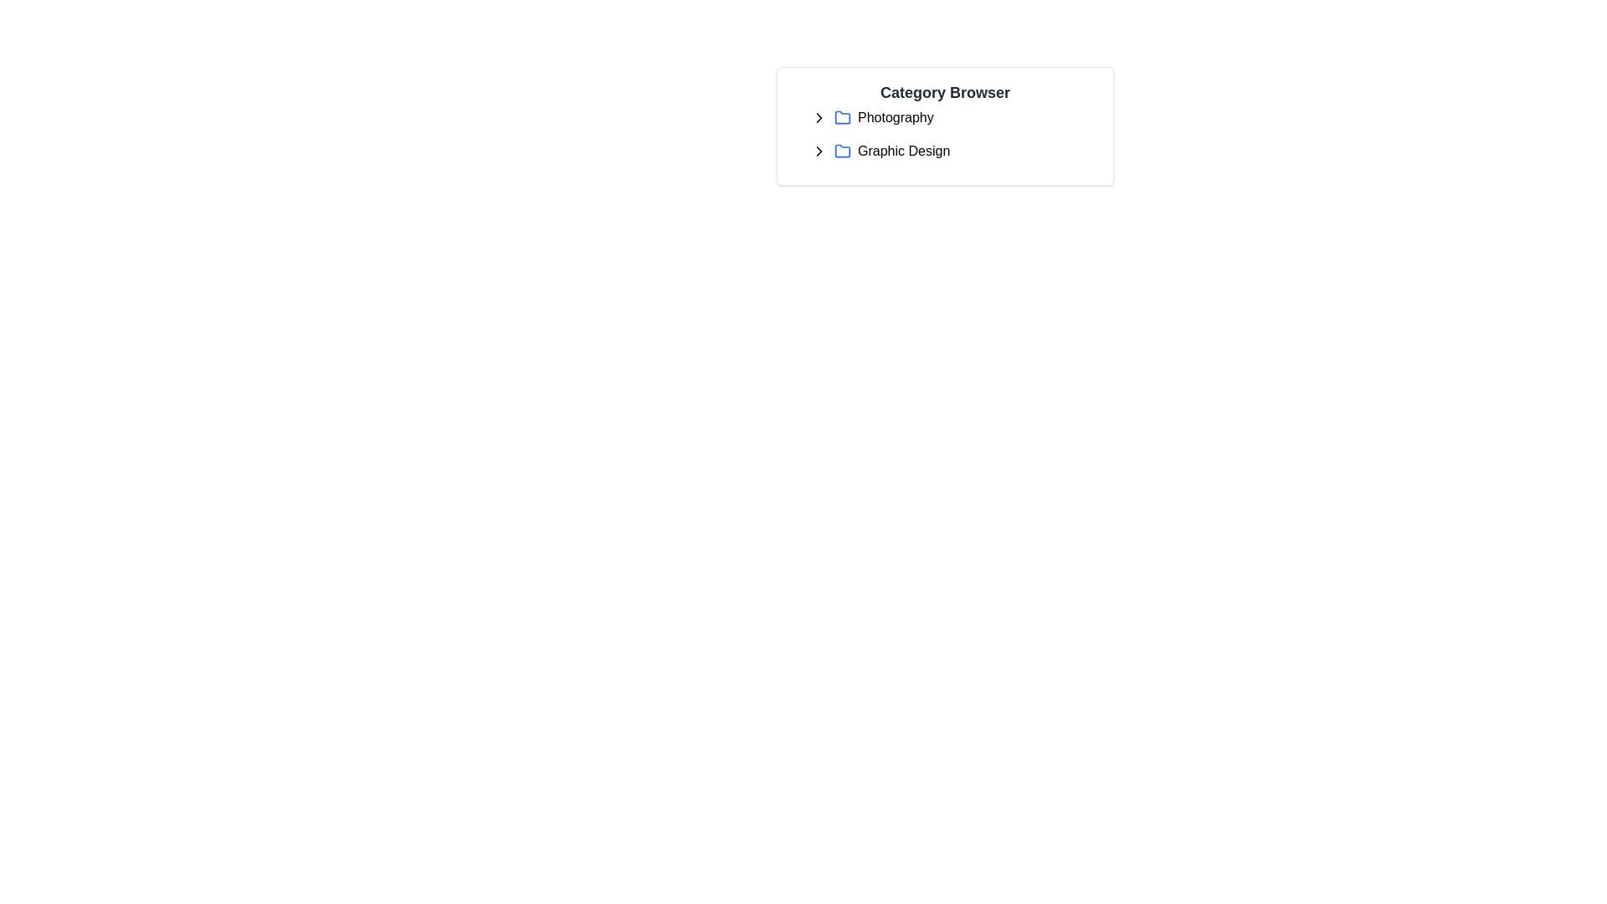 The height and width of the screenshot is (904, 1607). What do you see at coordinates (819, 117) in the screenshot?
I see `the small right-pointing chevron icon next to the 'Photography' folder` at bounding box center [819, 117].